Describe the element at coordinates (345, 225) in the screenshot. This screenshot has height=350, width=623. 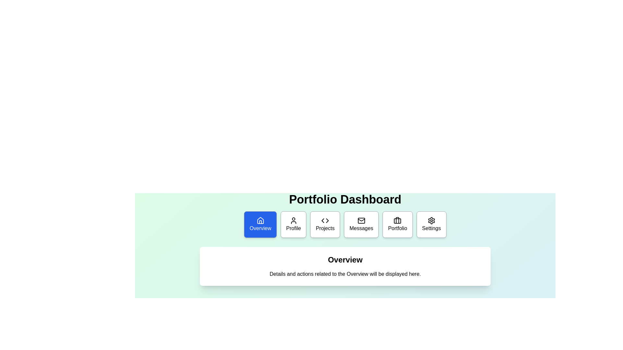
I see `an item in the Navigation menu located below the 'Portfolio Dashboard' heading to trigger hover effects` at that location.